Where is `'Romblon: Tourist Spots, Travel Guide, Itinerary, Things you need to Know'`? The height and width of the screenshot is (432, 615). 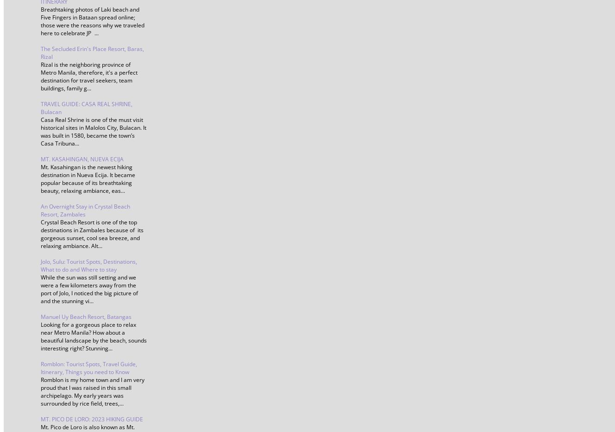
'Romblon: Tourist Spots, Travel Guide, Itinerary, Things you need to Know' is located at coordinates (41, 368).